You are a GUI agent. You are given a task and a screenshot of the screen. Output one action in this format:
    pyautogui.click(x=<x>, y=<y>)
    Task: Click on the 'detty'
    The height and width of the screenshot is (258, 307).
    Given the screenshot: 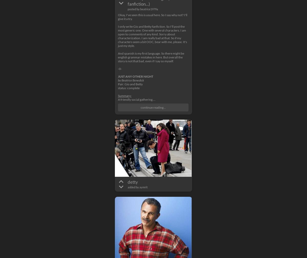 What is the action you would take?
    pyautogui.click(x=127, y=181)
    